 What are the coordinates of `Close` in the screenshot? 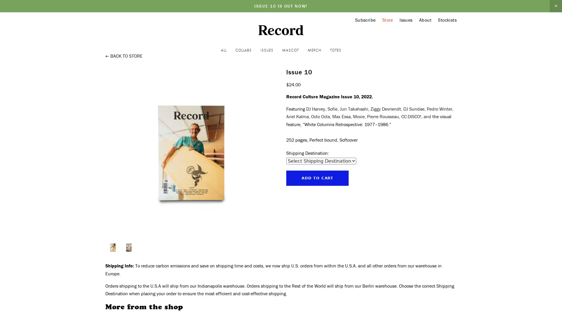 It's located at (555, 263).